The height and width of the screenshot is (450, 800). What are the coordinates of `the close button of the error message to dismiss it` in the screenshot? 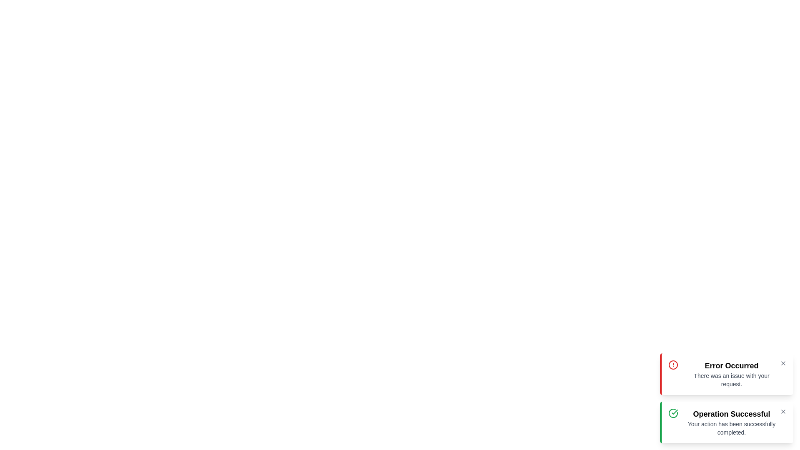 It's located at (783, 362).